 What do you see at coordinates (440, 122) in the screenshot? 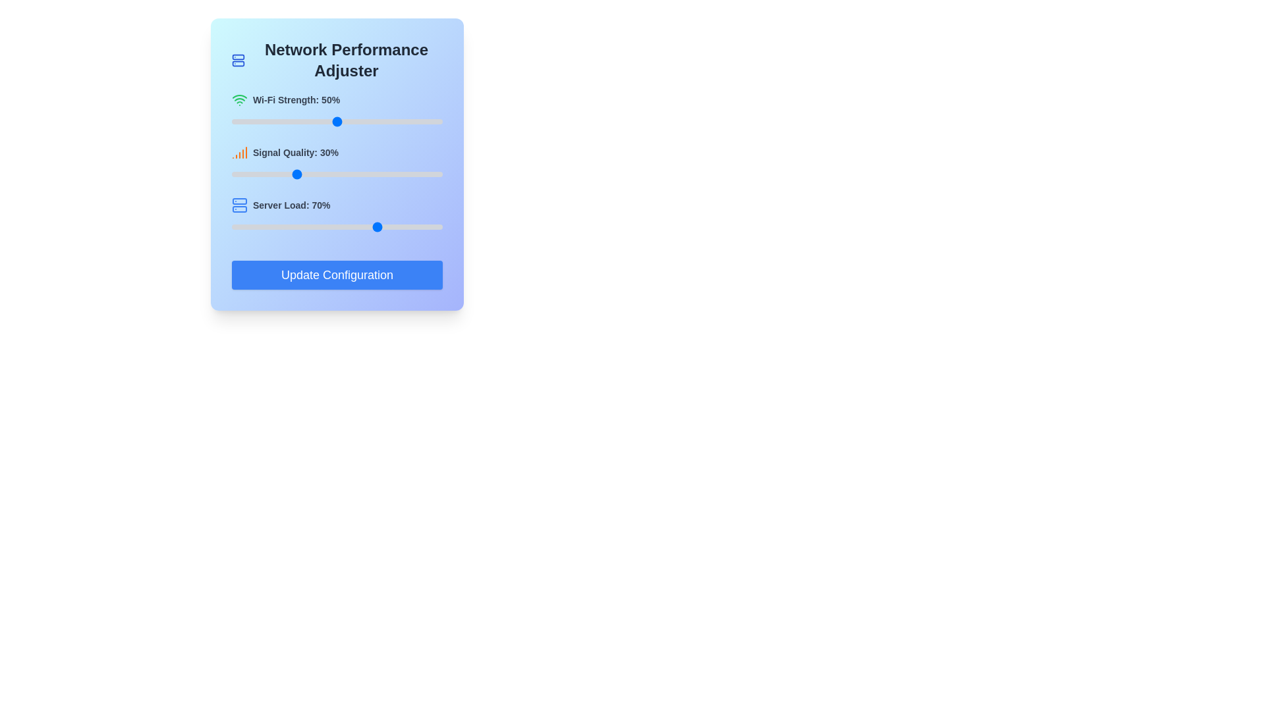
I see `Wi-Fi strength` at bounding box center [440, 122].